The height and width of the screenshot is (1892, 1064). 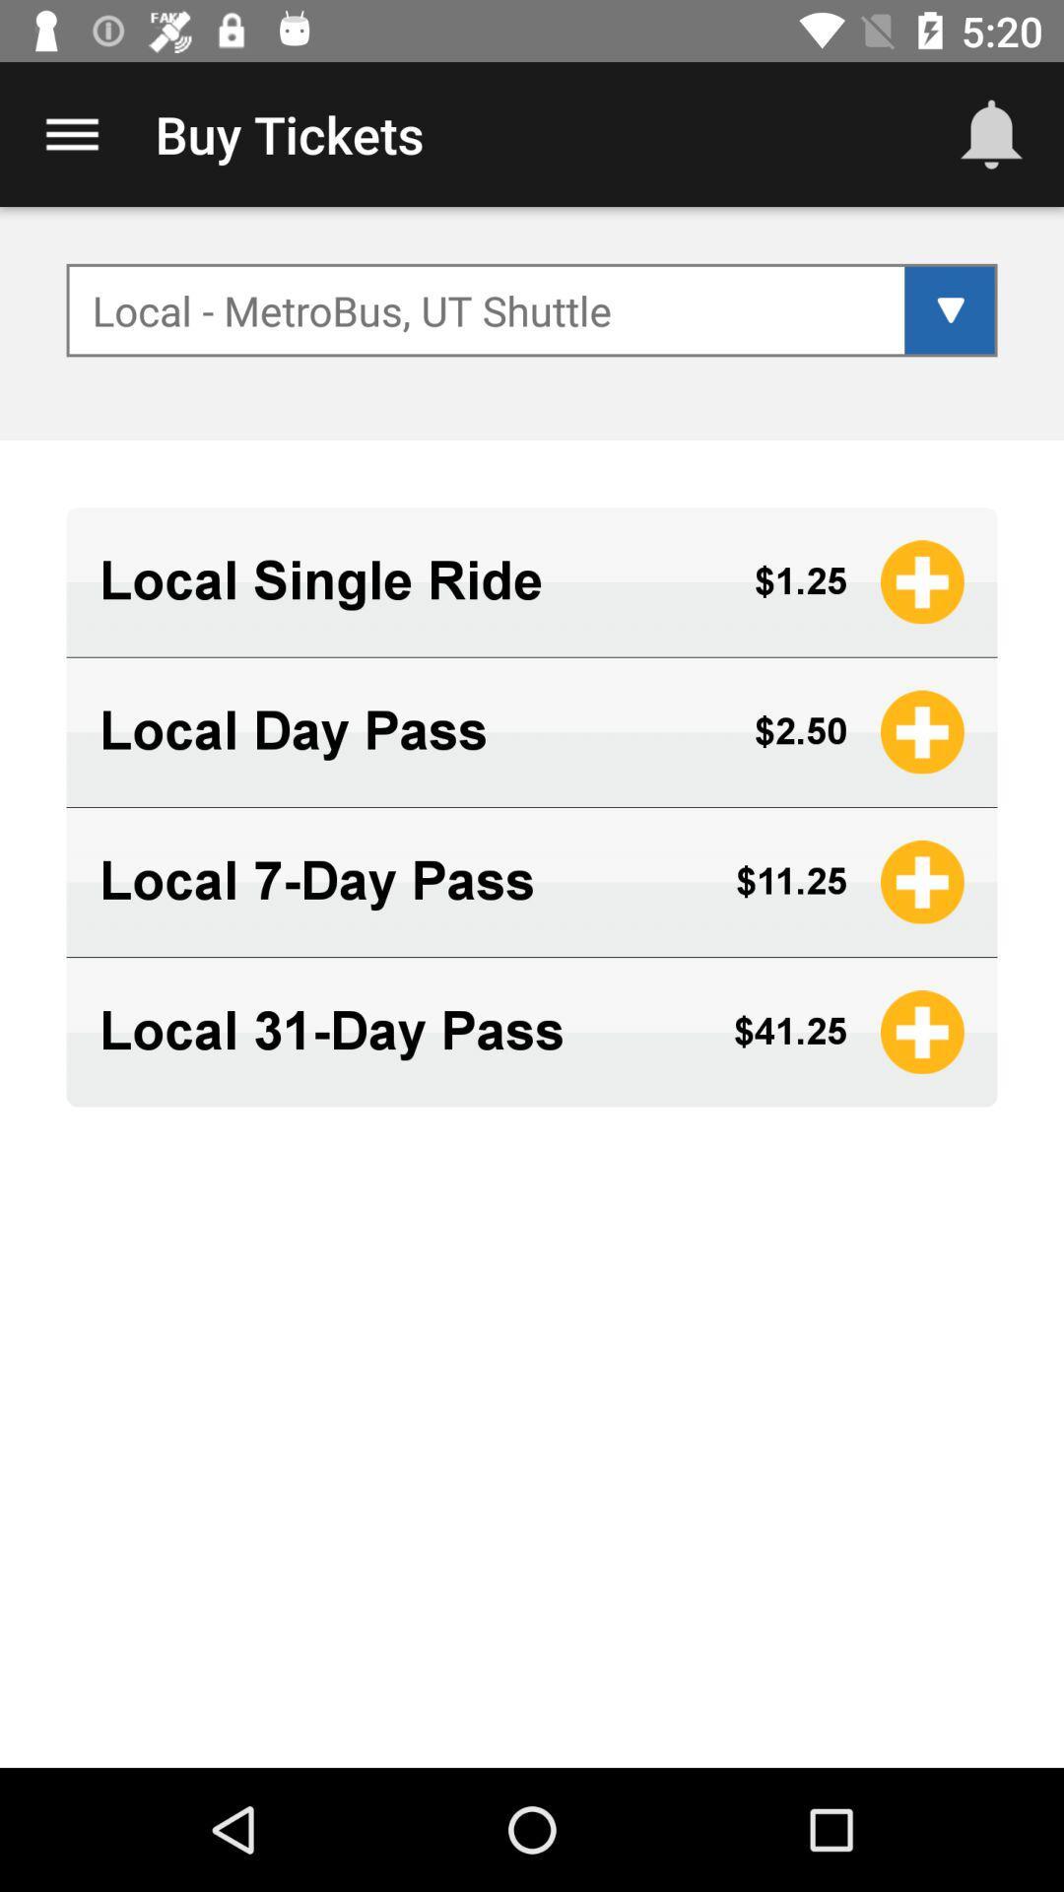 I want to click on item above the local day pass icon, so click(x=409, y=580).